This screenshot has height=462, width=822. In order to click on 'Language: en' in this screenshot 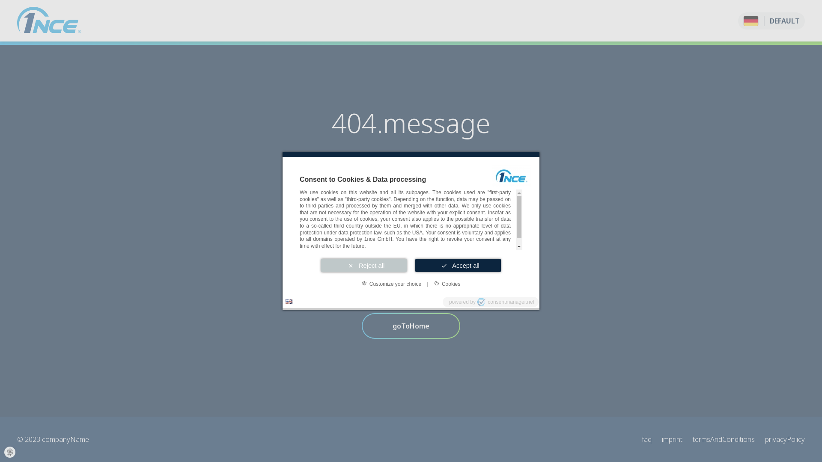, I will do `click(289, 301)`.